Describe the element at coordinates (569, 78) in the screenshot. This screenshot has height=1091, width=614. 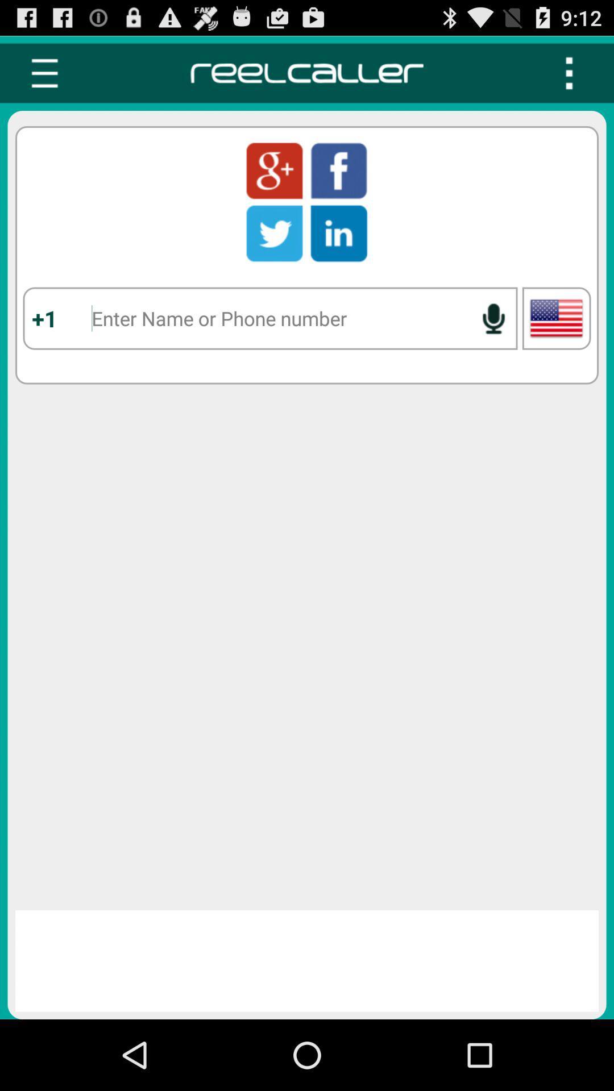
I see `the more icon` at that location.